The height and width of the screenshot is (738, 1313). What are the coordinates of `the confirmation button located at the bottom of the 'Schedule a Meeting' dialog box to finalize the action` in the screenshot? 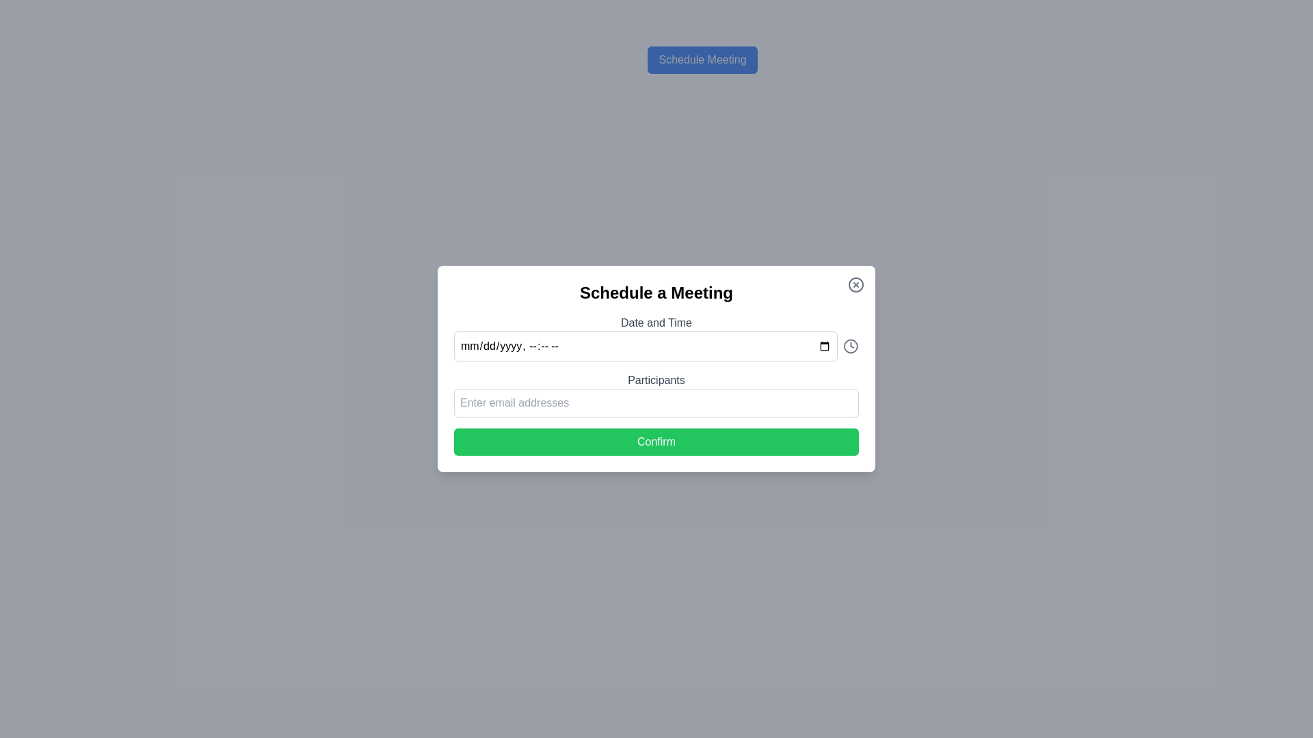 It's located at (656, 442).